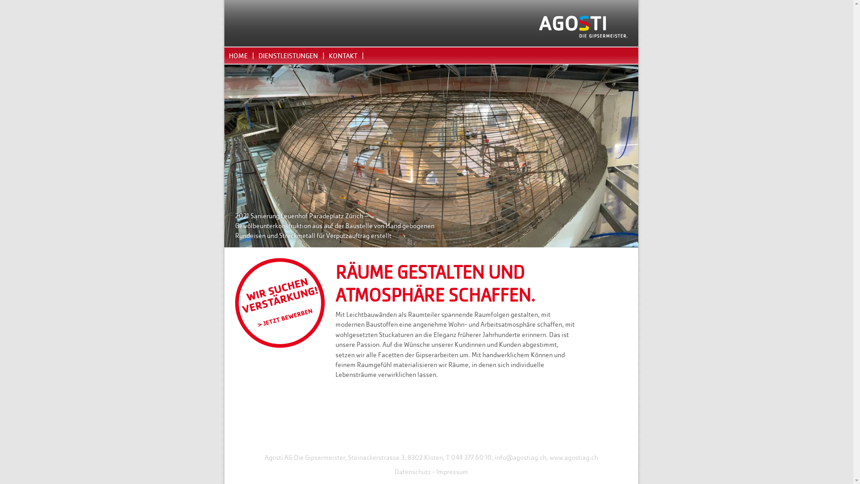 Image resolution: width=860 pixels, height=484 pixels. What do you see at coordinates (452, 471) in the screenshot?
I see `'Impressum'` at bounding box center [452, 471].